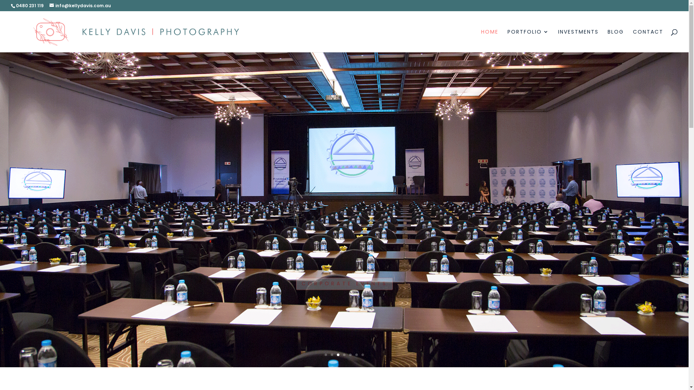 Image resolution: width=694 pixels, height=390 pixels. Describe the element at coordinates (325, 354) in the screenshot. I see `'1'` at that location.